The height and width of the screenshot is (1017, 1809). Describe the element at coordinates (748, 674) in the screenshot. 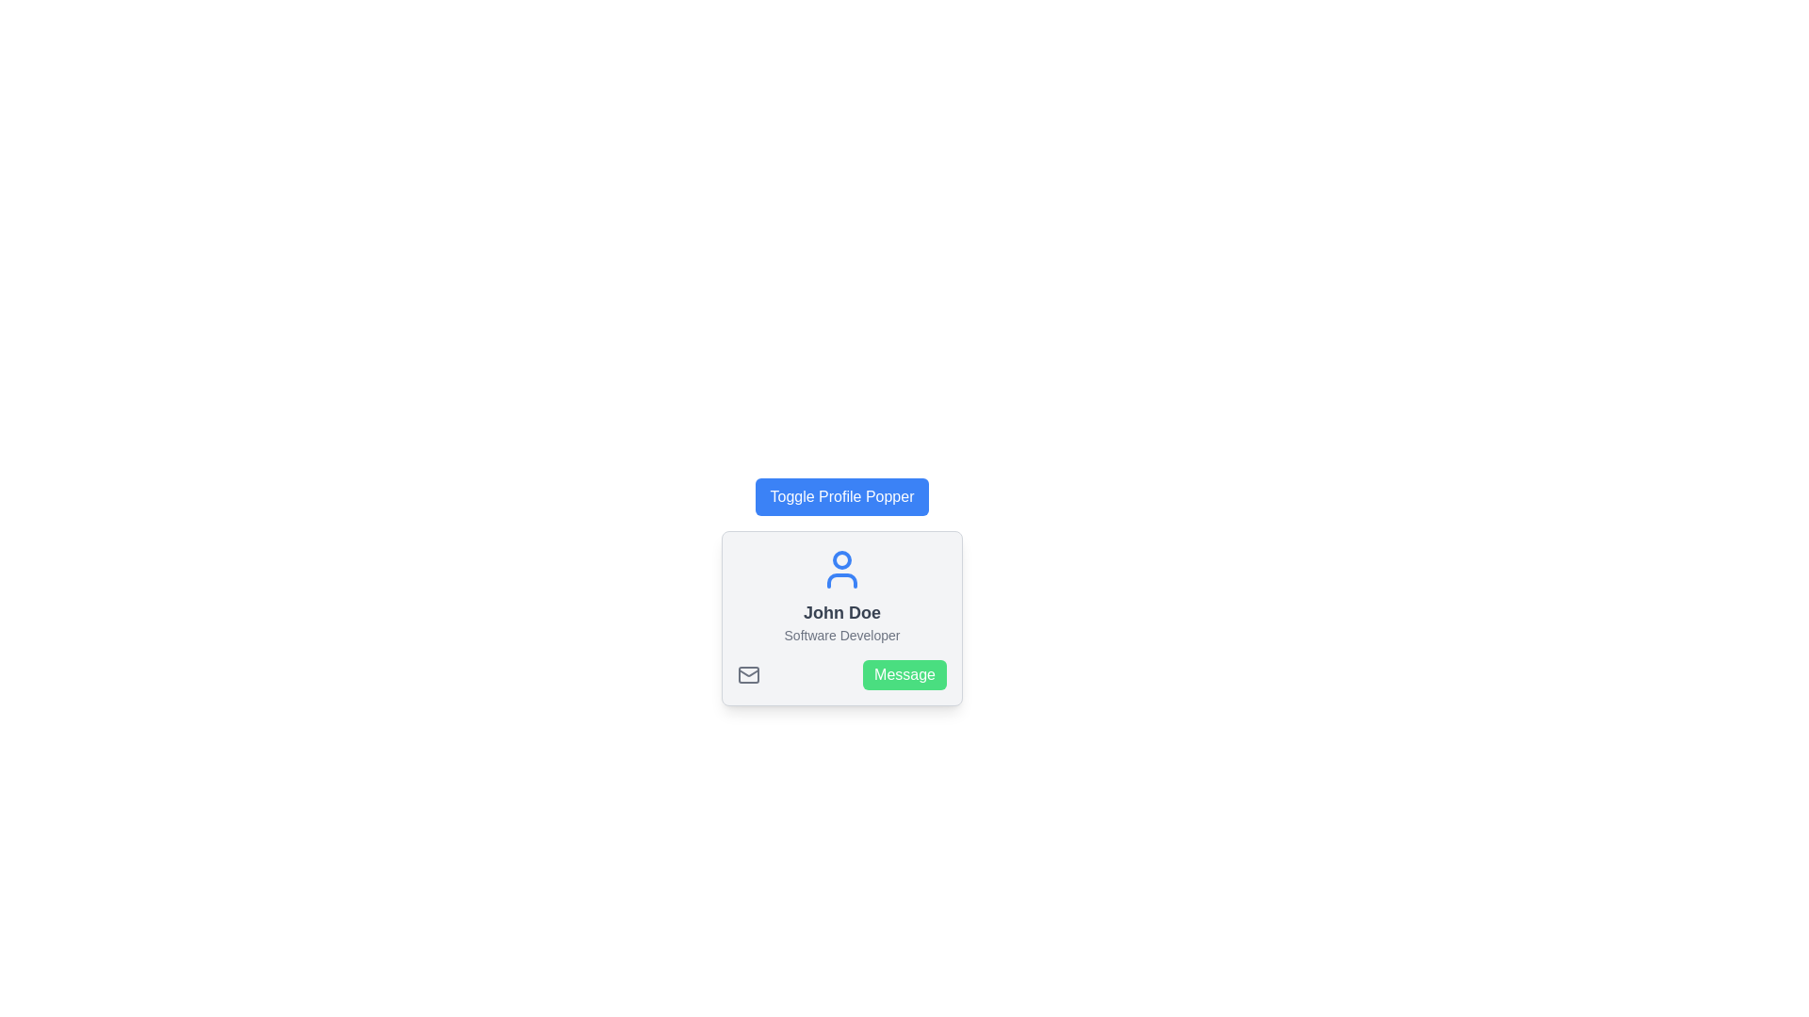

I see `the envelope icon located at the bottom-left corner of the user profile card, adjacent to the 'Message' button` at that location.